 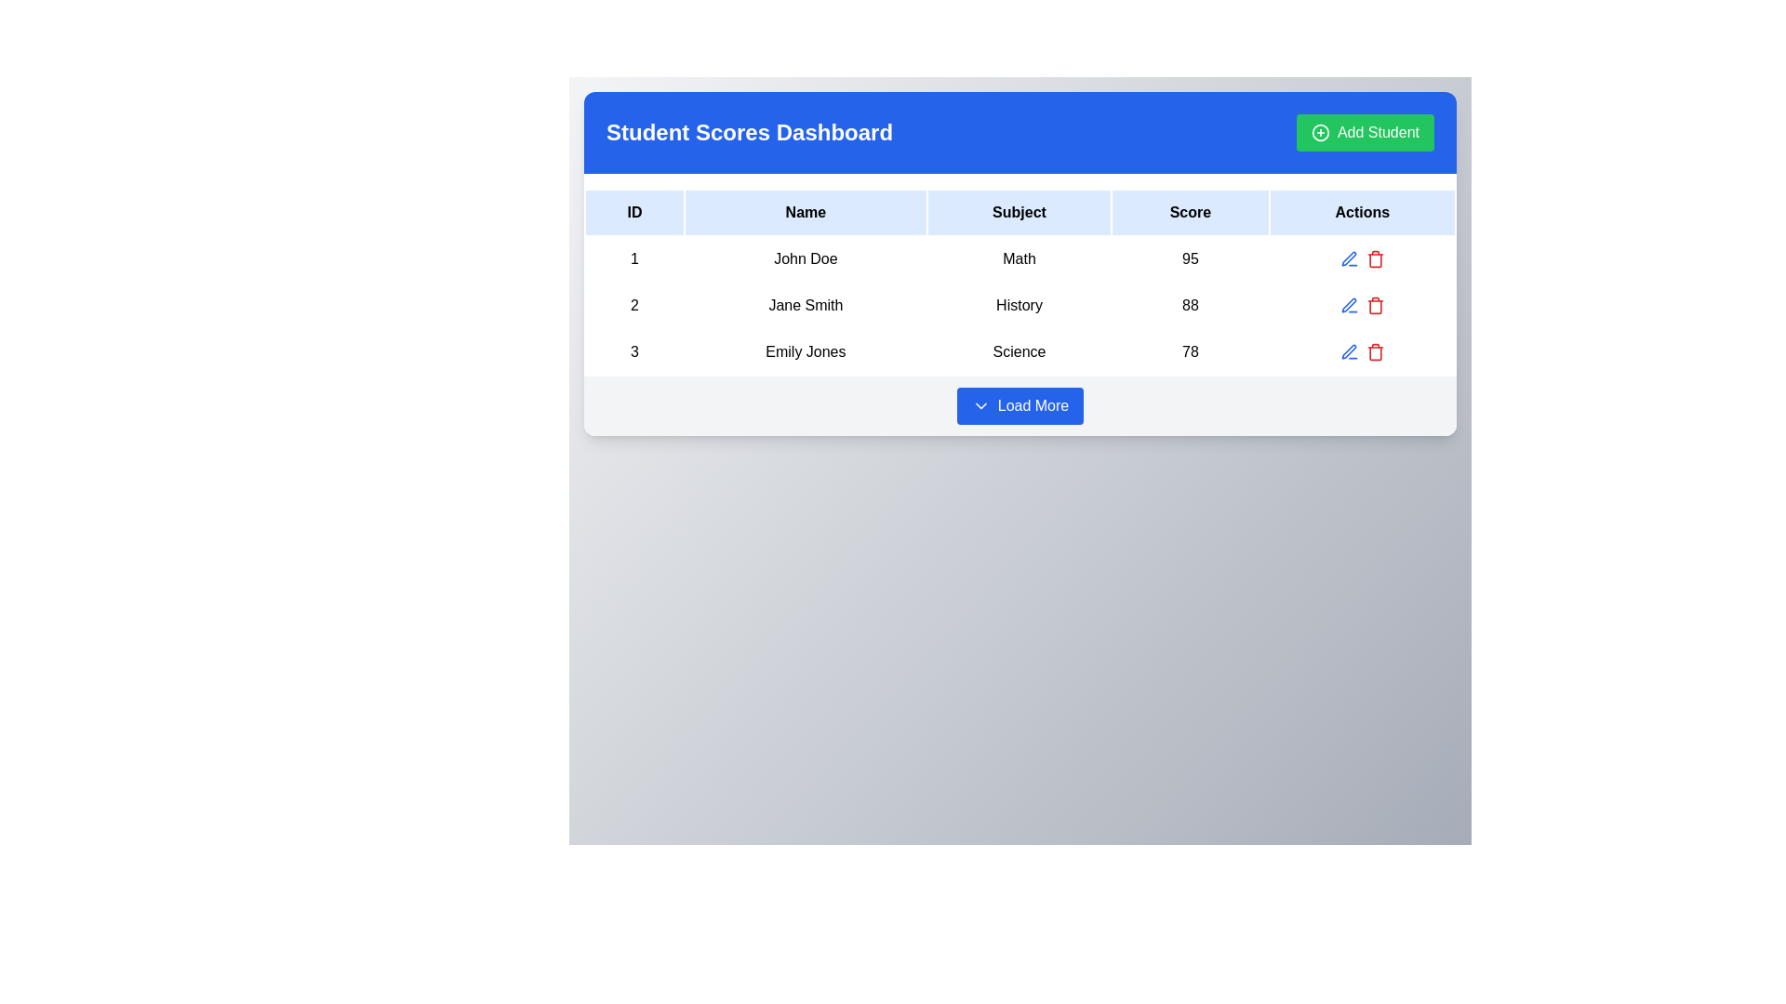 I want to click on the text label displaying the word 'Math', which is located in the third cell of the first row of a table in the 'Subject' column, so click(x=1018, y=258).